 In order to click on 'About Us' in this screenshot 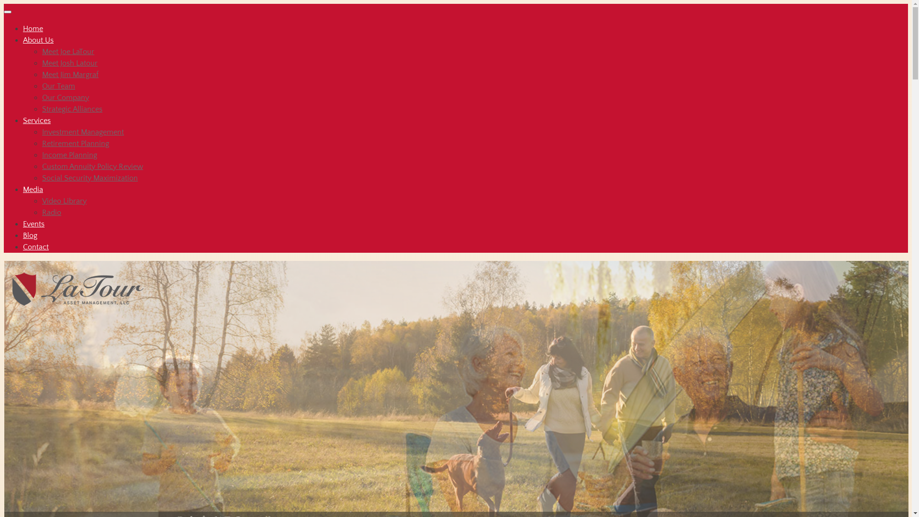, I will do `click(38, 40)`.